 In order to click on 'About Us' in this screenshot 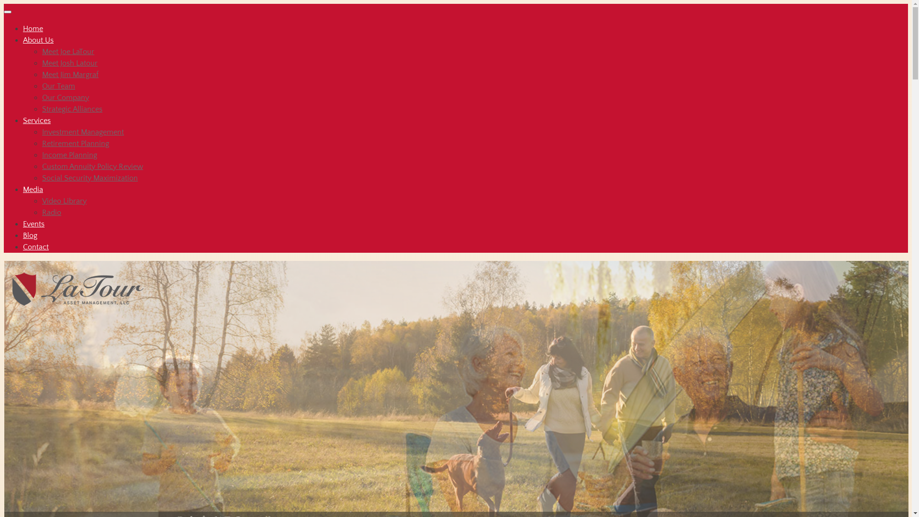, I will do `click(38, 40)`.